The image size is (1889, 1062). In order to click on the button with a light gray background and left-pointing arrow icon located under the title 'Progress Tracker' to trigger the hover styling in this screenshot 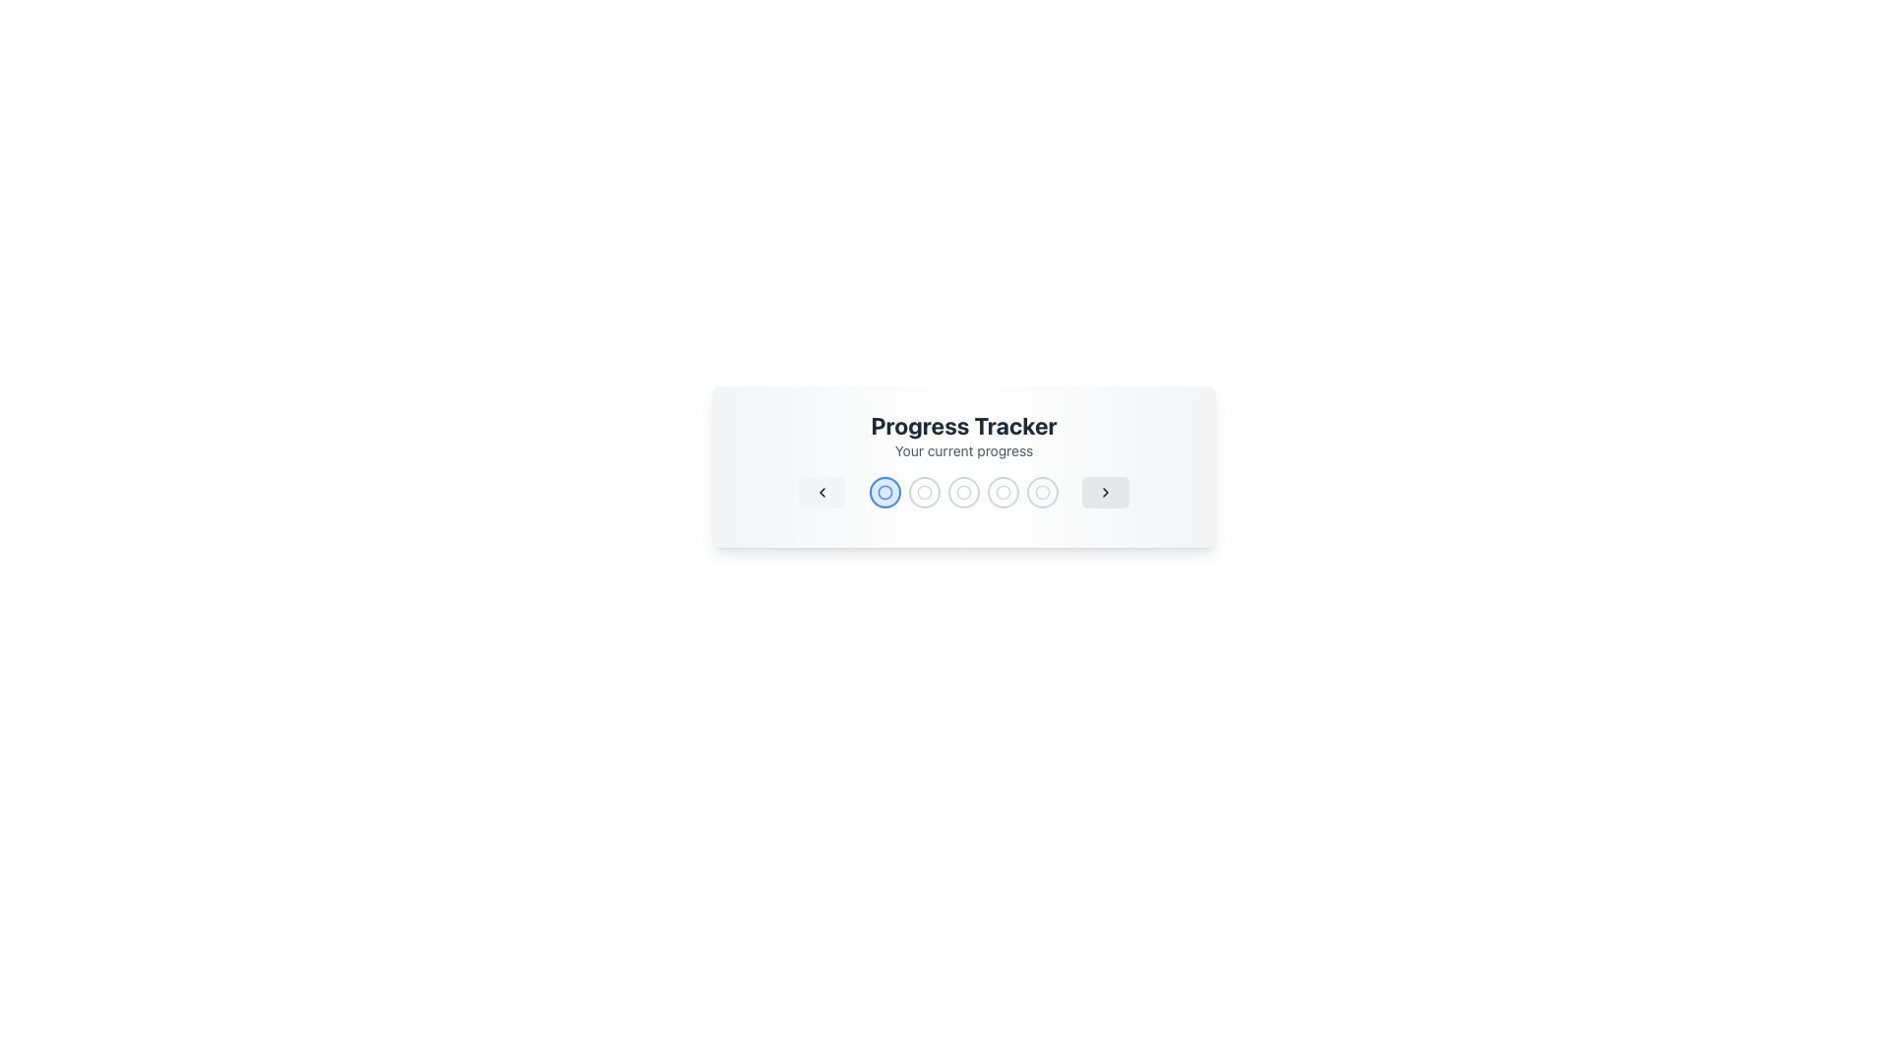, I will do `click(822, 492)`.